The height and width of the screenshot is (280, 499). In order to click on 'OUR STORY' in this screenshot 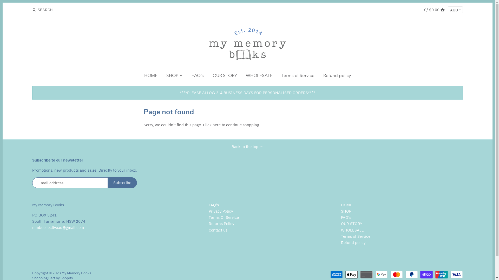, I will do `click(208, 76)`.